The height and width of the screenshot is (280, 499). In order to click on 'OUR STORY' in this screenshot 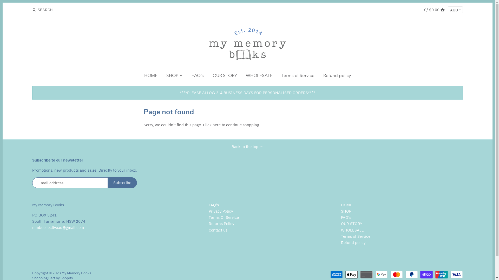, I will do `click(208, 76)`.